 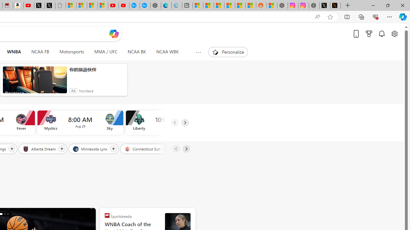 I want to click on 'Follow Atlanta Dream', so click(x=61, y=149).